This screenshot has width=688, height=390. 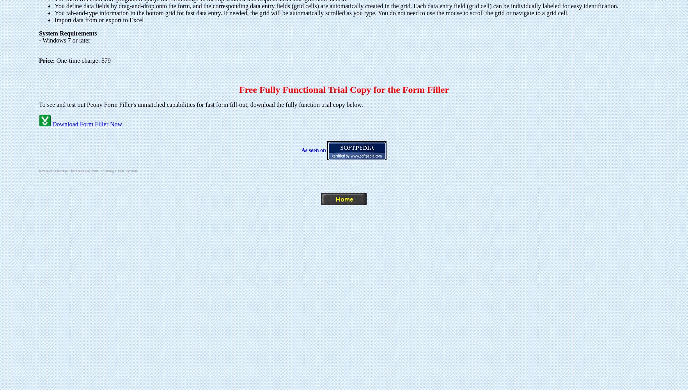 What do you see at coordinates (127, 171) in the screenshot?
I see `'form filler misc'` at bounding box center [127, 171].